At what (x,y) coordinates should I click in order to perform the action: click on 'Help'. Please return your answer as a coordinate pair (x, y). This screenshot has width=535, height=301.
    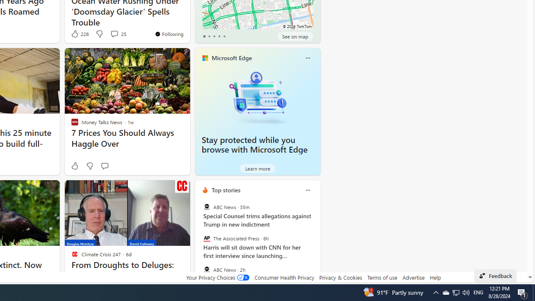
    Looking at the image, I should click on (435, 277).